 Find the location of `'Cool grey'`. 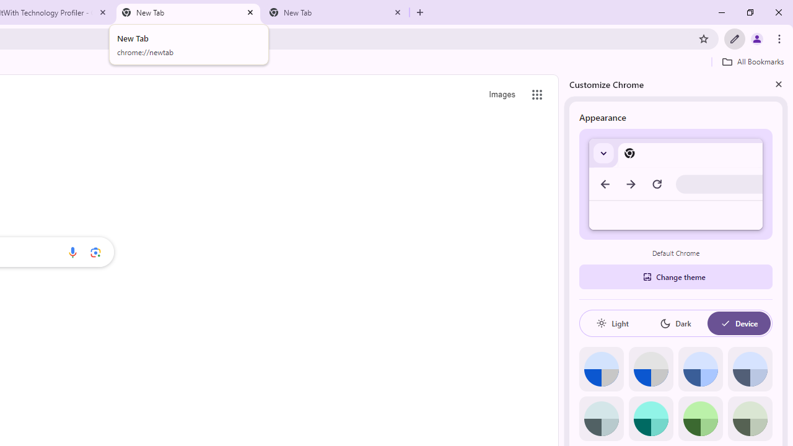

'Cool grey' is located at coordinates (749, 369).